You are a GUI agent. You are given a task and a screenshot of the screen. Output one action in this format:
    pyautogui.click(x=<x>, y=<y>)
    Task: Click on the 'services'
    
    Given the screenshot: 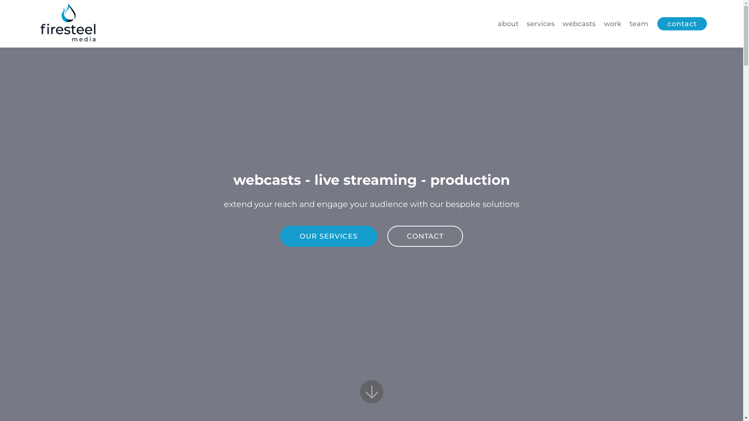 What is the action you would take?
    pyautogui.click(x=540, y=23)
    